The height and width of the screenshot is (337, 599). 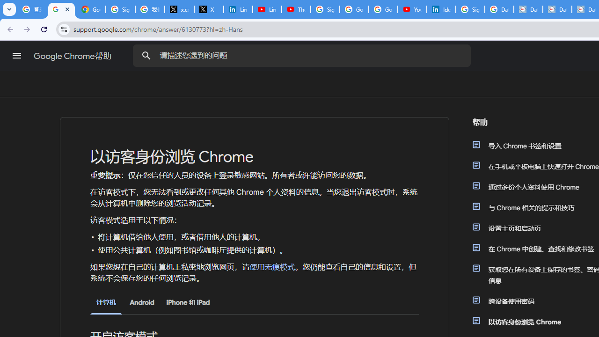 What do you see at coordinates (528, 9) in the screenshot?
I see `'Data Privacy Framework'` at bounding box center [528, 9].